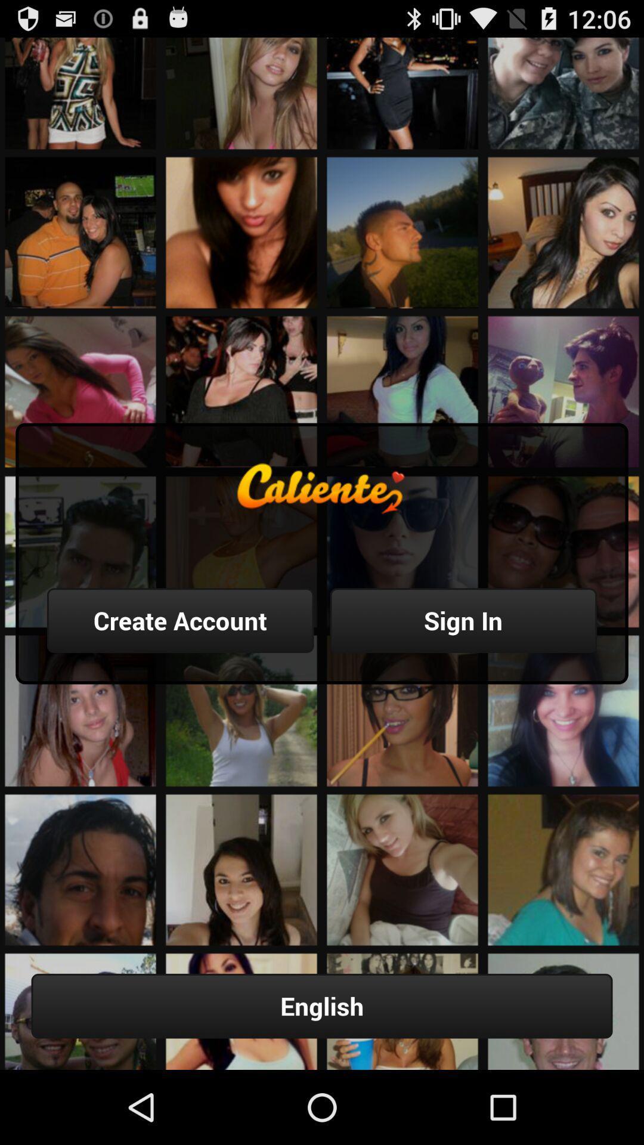 This screenshot has width=644, height=1145. Describe the element at coordinates (463, 620) in the screenshot. I see `sign in icon` at that location.